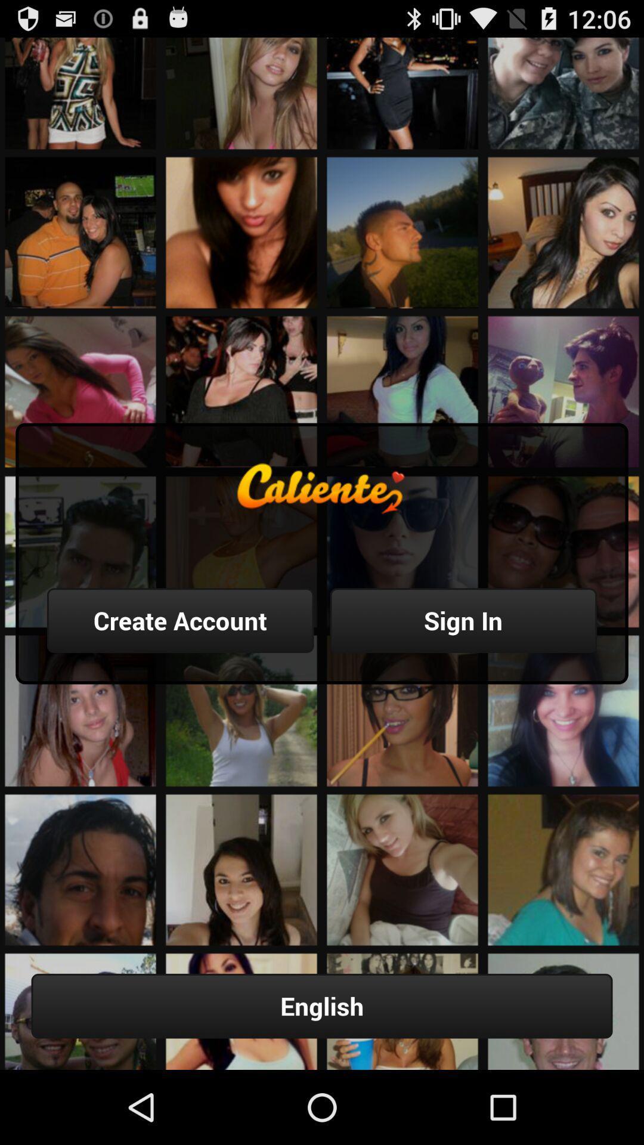 This screenshot has width=644, height=1145. Describe the element at coordinates (463, 620) in the screenshot. I see `sign in icon` at that location.